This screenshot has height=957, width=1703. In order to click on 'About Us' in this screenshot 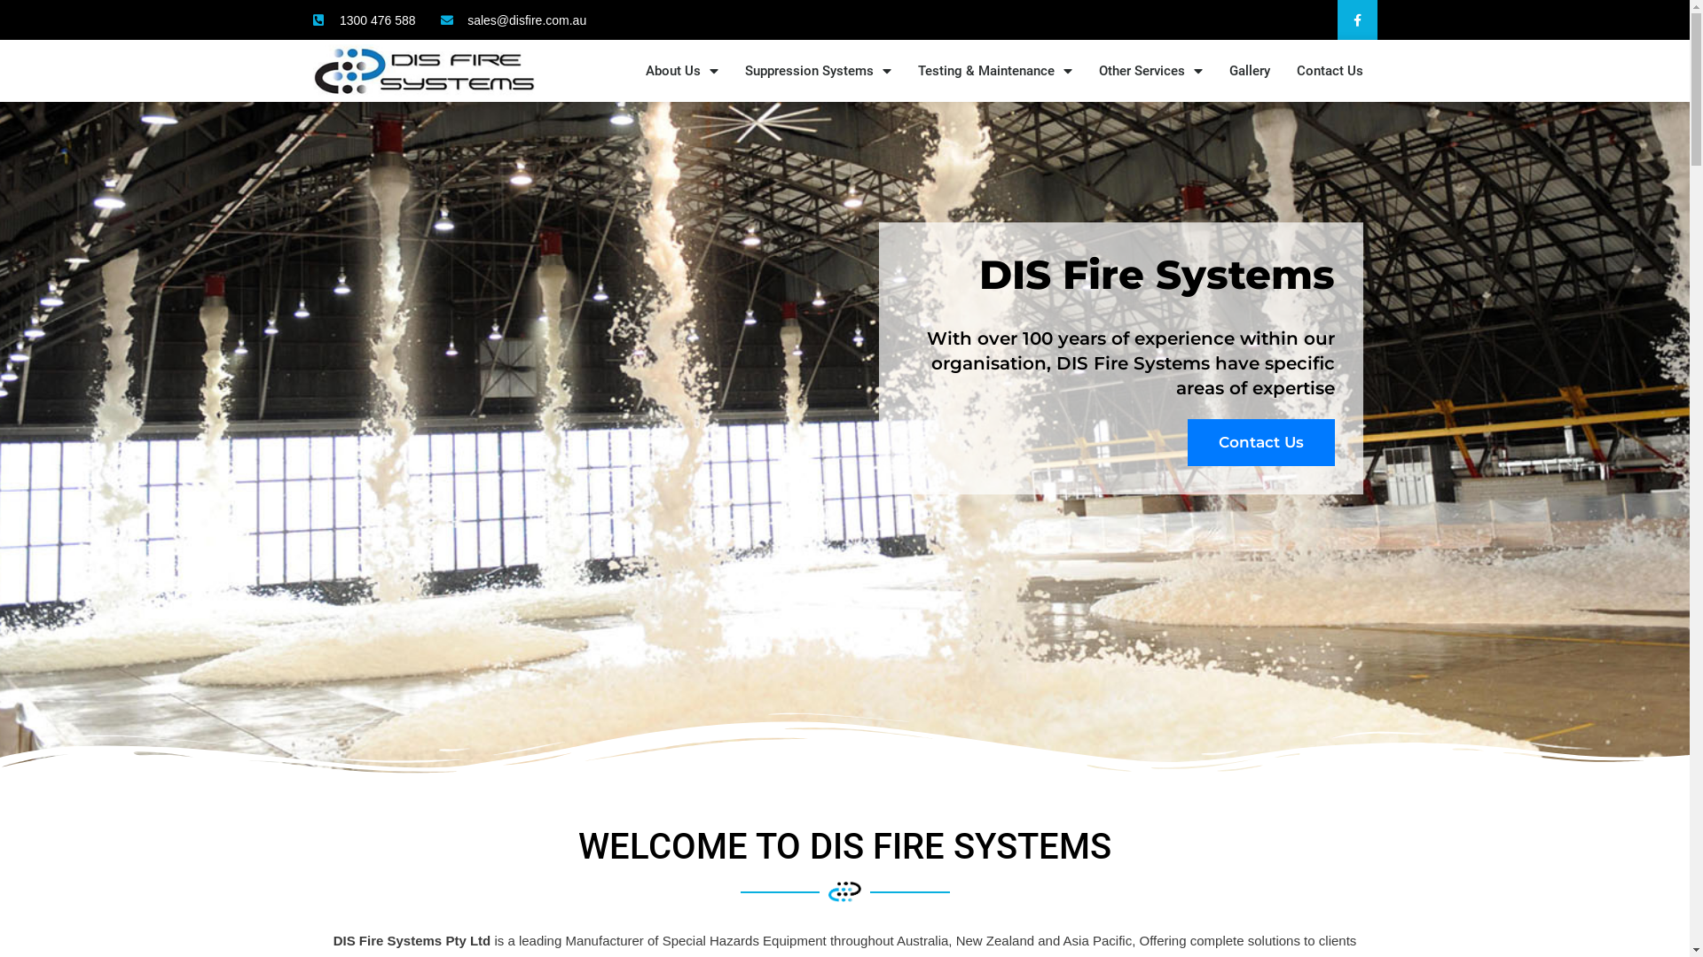, I will do `click(680, 70)`.